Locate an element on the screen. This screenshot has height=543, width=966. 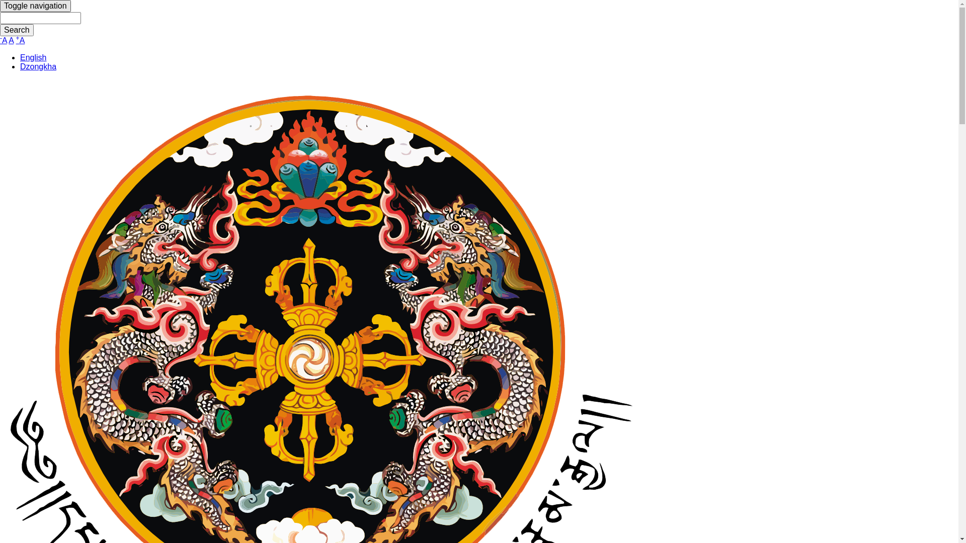
'+A' is located at coordinates (21, 40).